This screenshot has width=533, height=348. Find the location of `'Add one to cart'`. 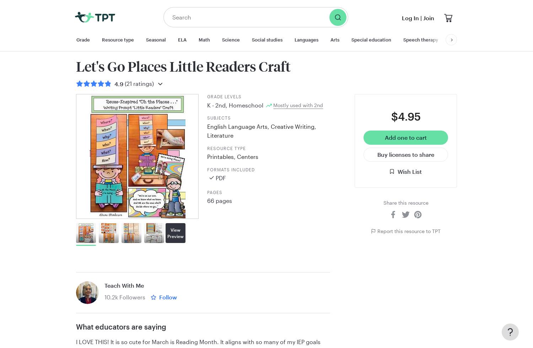

'Add one to cart' is located at coordinates (405, 137).